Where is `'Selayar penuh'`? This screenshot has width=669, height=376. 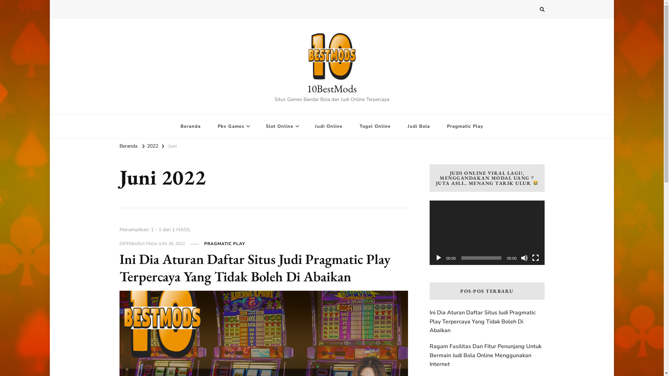 'Selayar penuh' is located at coordinates (531, 258).